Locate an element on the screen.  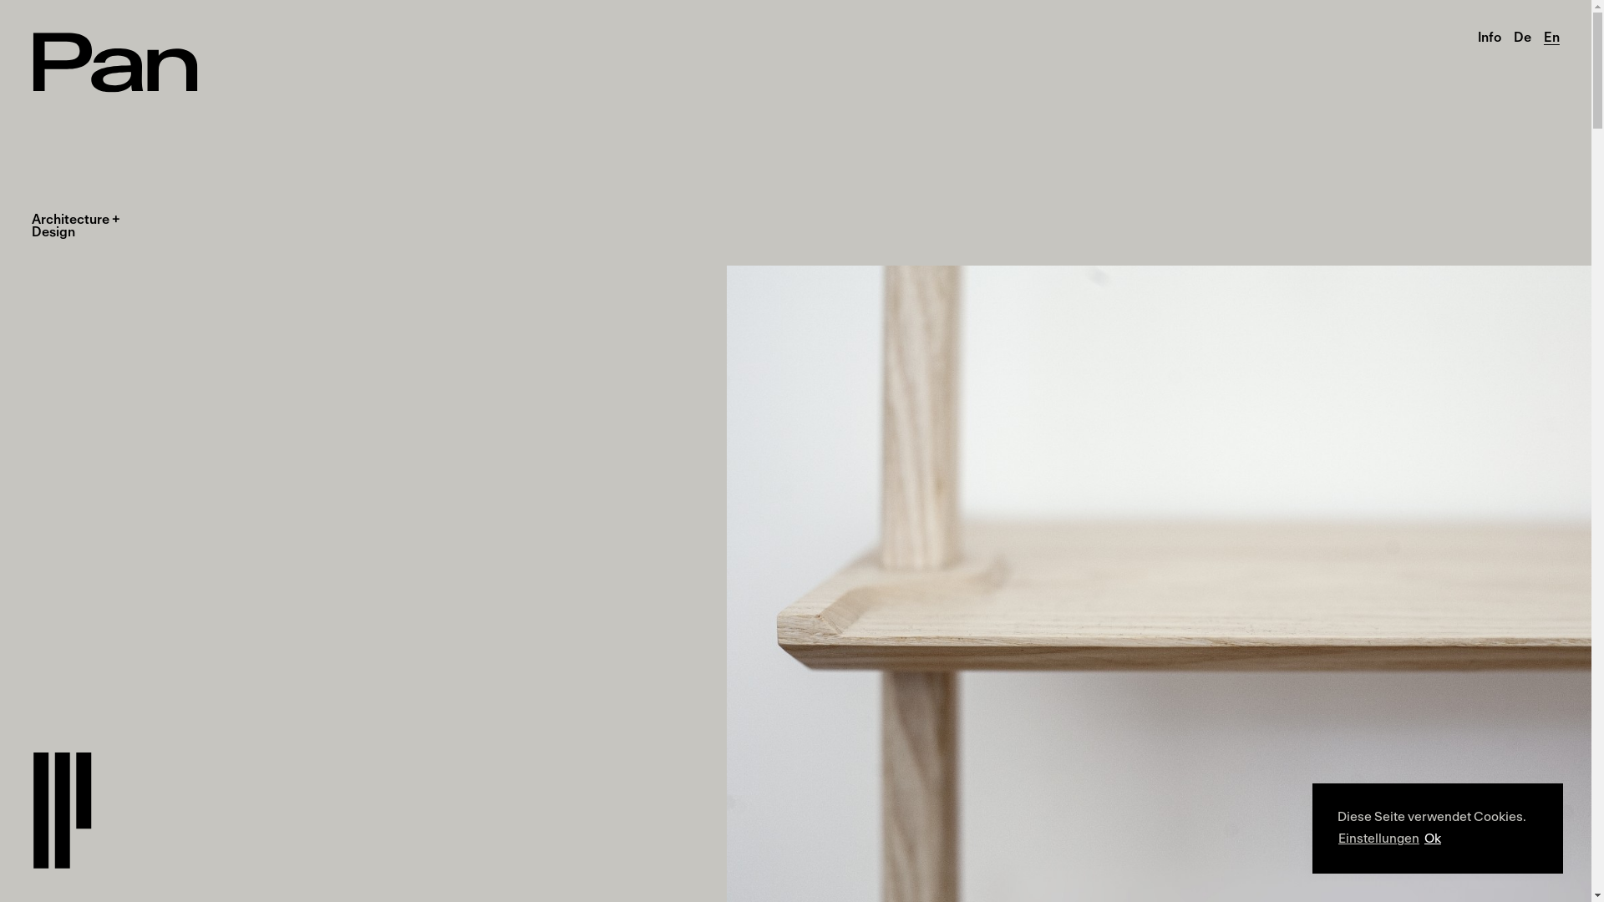
'Info' is located at coordinates (1489, 38).